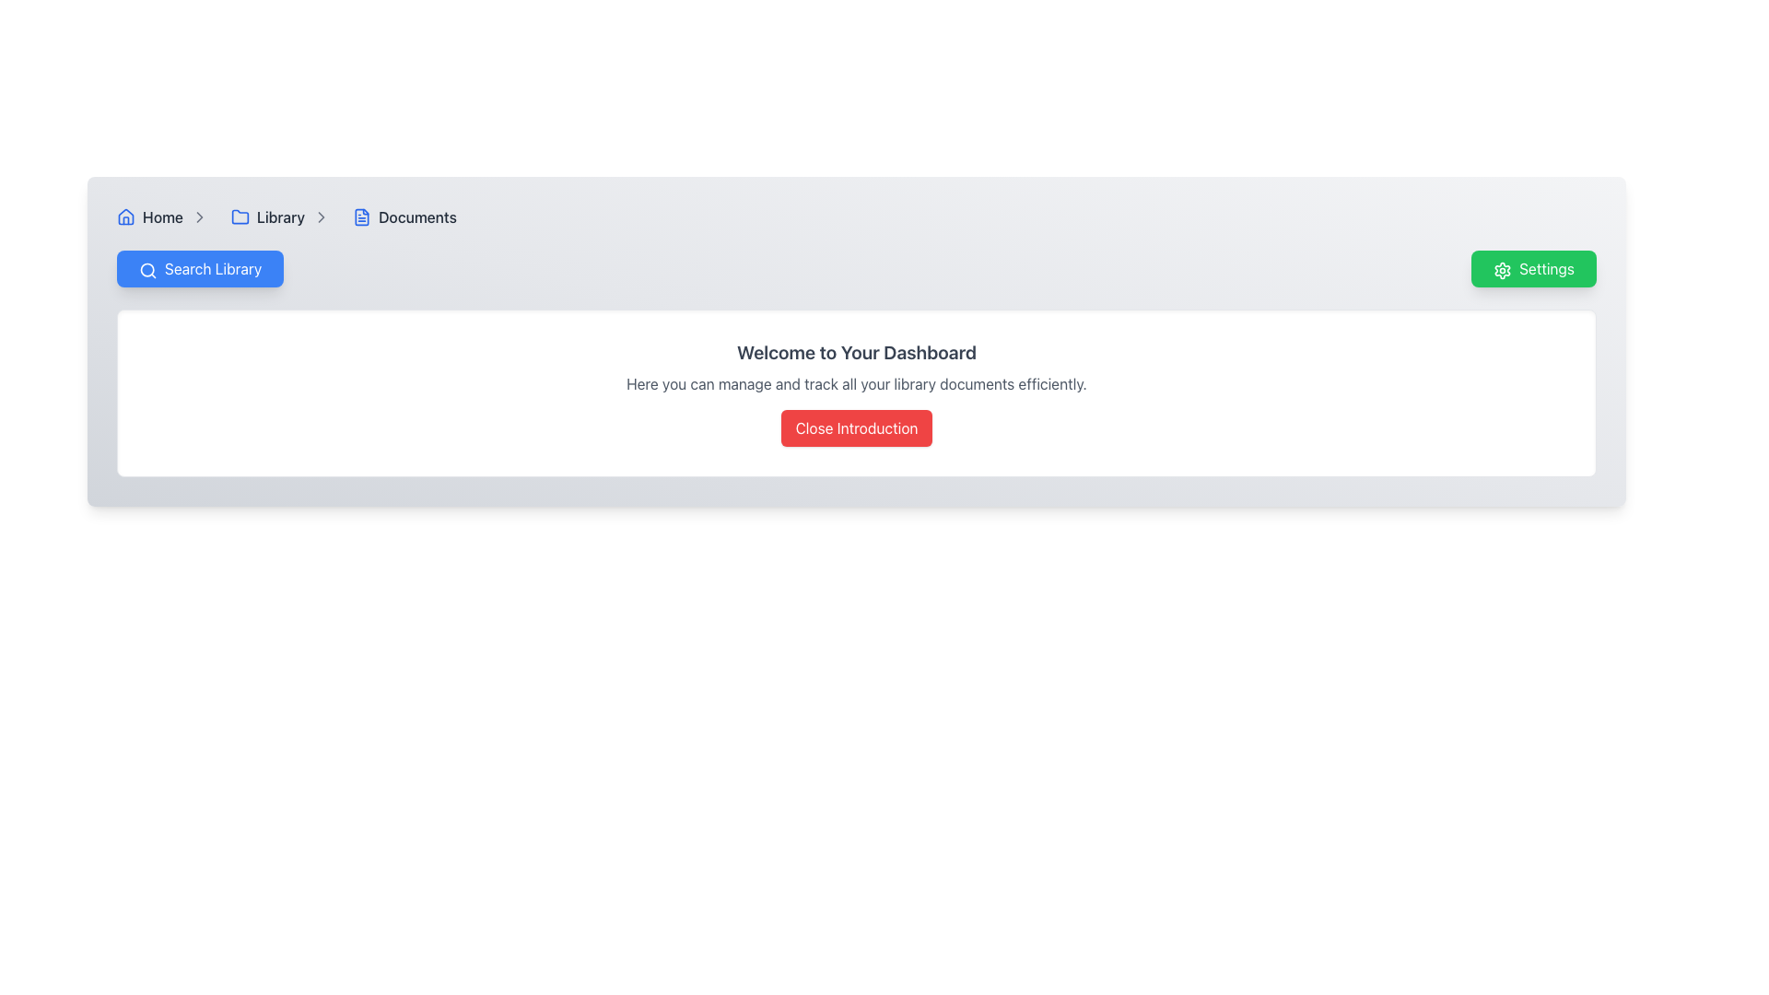 Image resolution: width=1769 pixels, height=995 pixels. Describe the element at coordinates (125, 216) in the screenshot. I see `the 'Home' icon in the breadcrumb navigation bar, which is positioned as the first element in the navigation group` at that location.